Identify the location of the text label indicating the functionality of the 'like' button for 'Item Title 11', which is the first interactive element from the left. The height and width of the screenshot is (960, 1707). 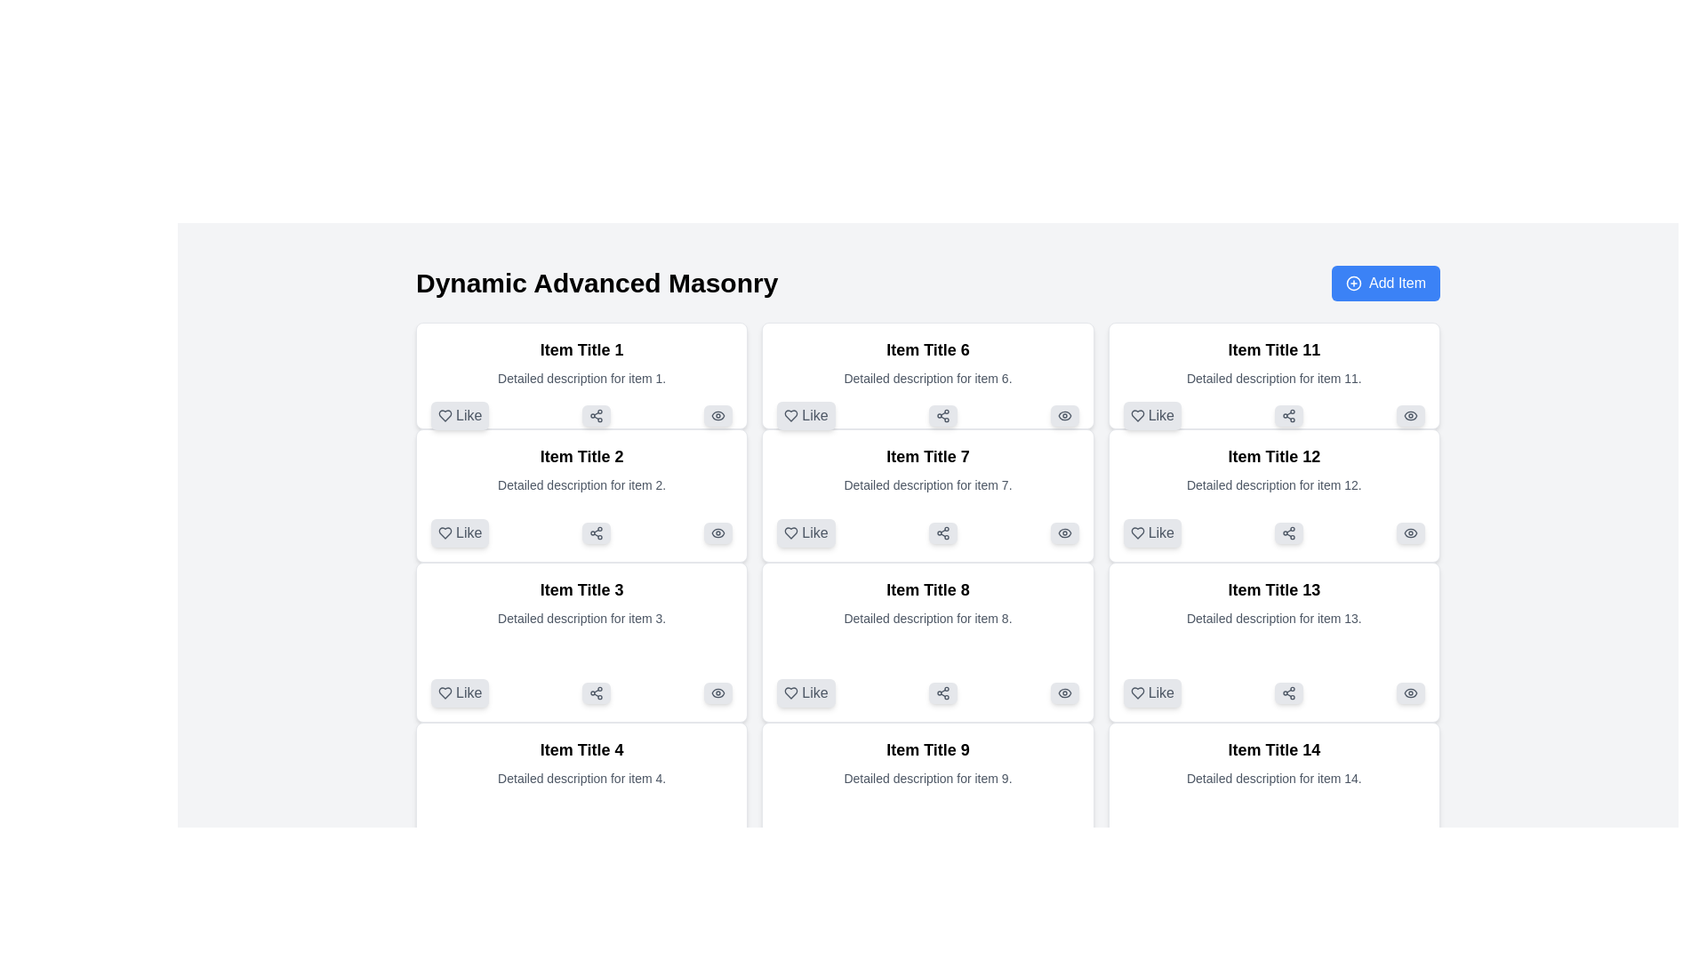
(1161, 415).